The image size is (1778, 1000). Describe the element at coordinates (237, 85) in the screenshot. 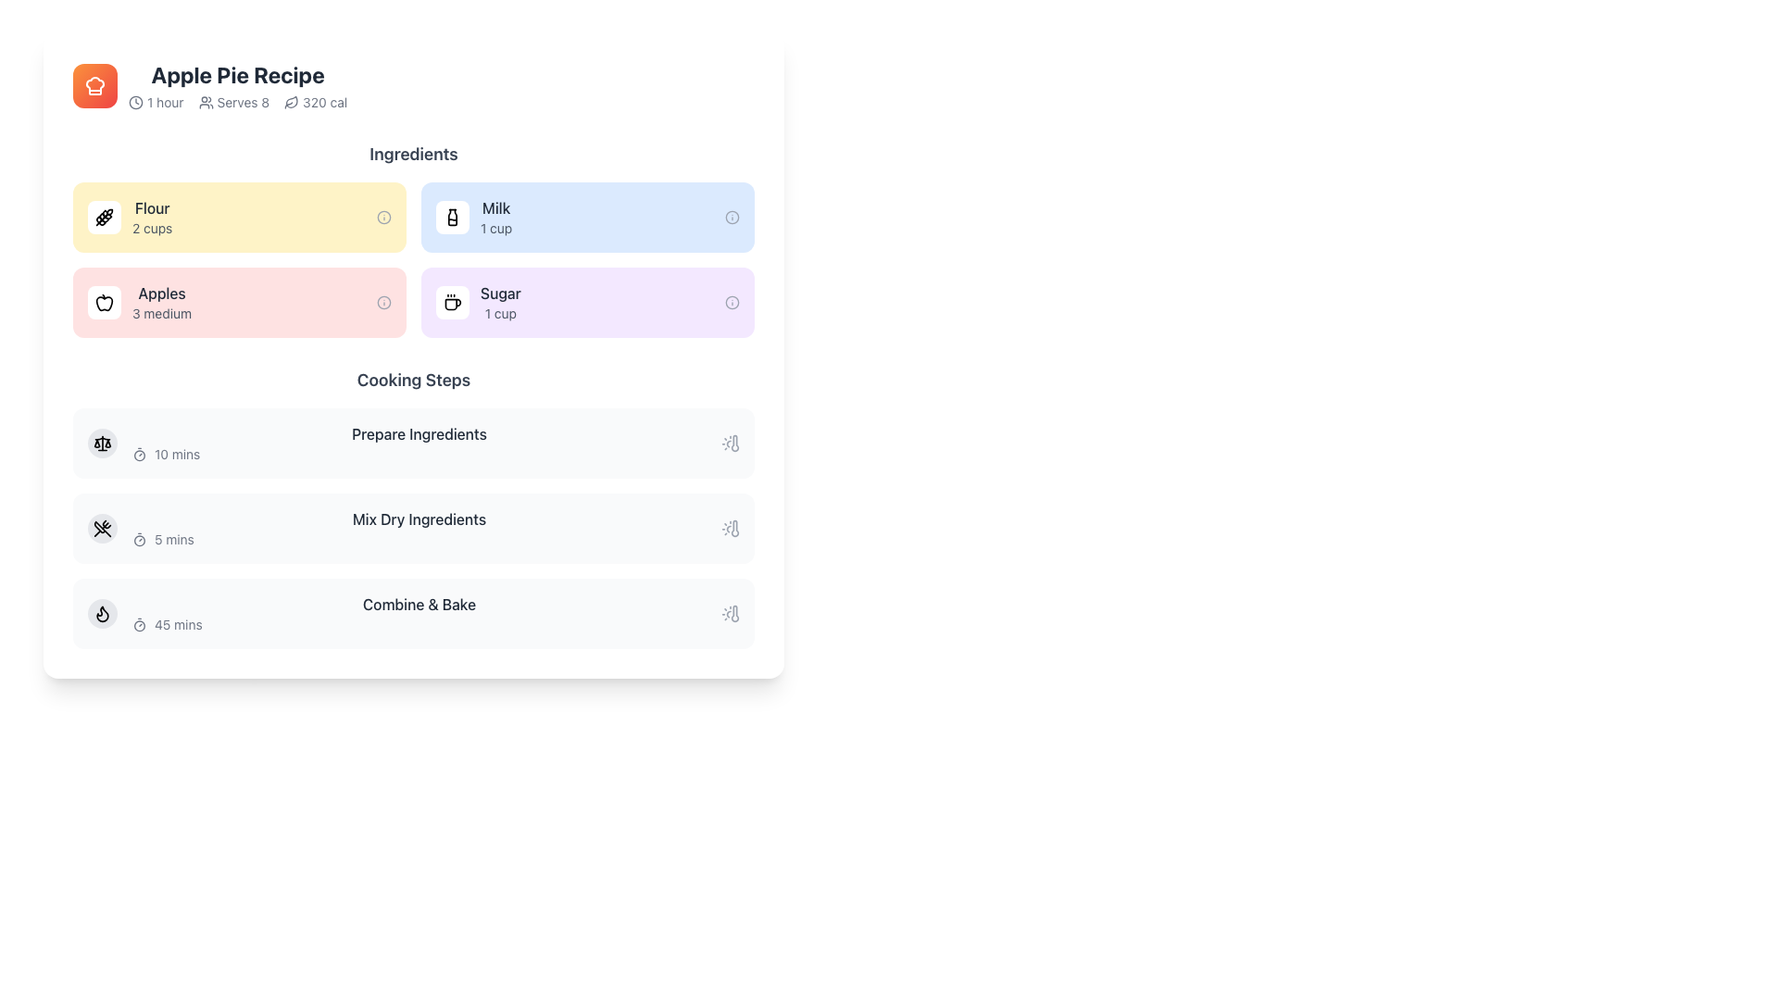

I see `the recipe header textual display, which includes the recipe title and key details like preparation time, servings, and calories` at that location.